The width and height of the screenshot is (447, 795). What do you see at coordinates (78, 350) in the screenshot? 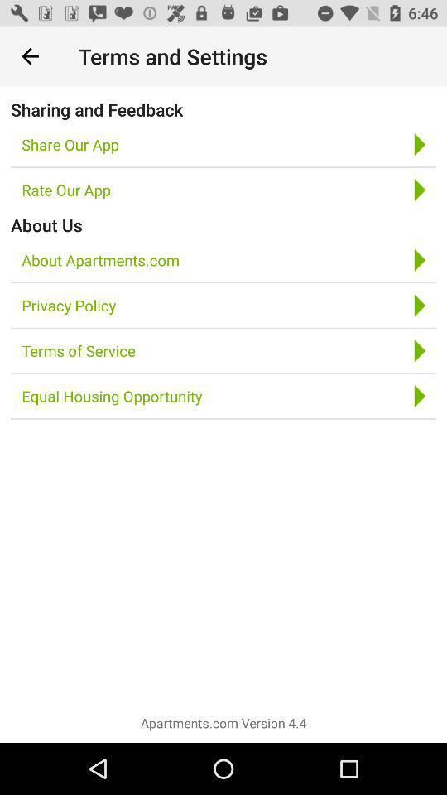
I see `the terms of service` at bounding box center [78, 350].